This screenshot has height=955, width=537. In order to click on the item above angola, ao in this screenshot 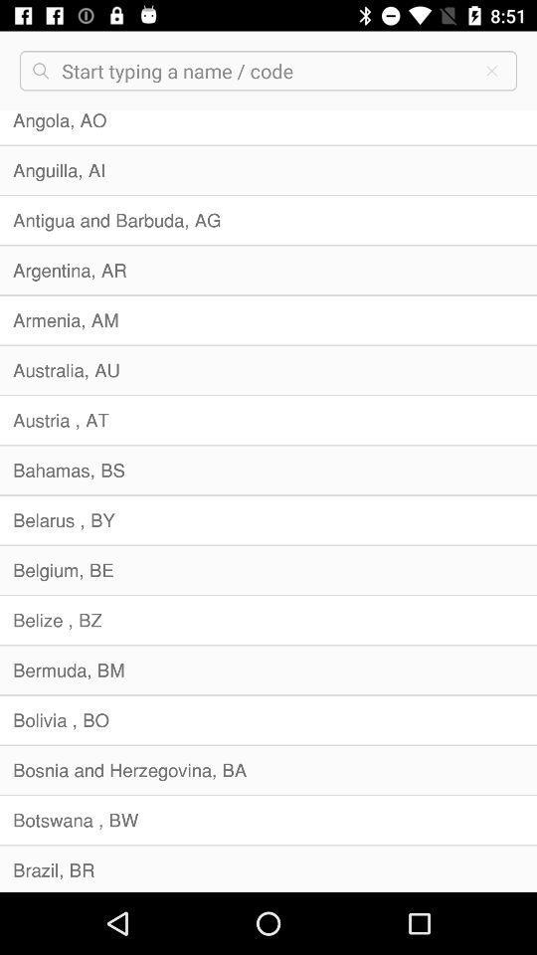, I will do `click(490, 71)`.